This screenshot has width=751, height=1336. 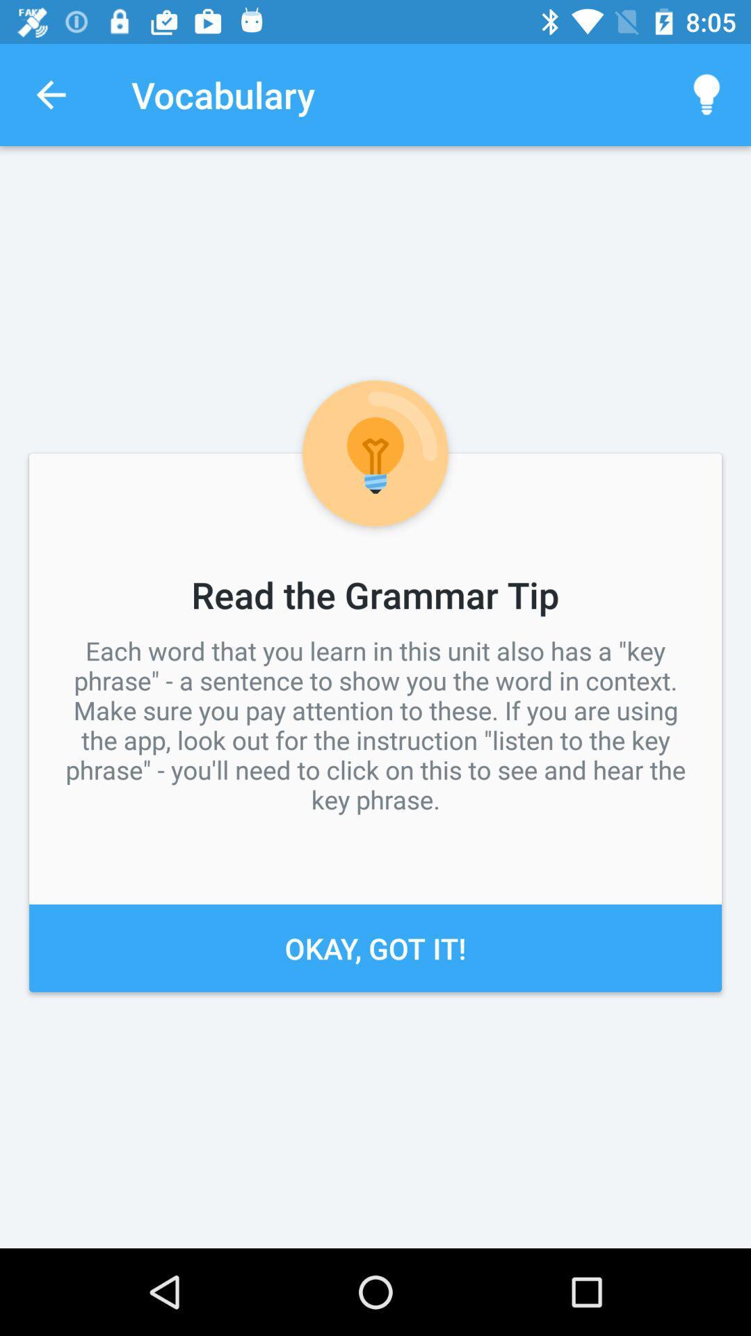 What do you see at coordinates (375, 947) in the screenshot?
I see `okay, got it! item` at bounding box center [375, 947].